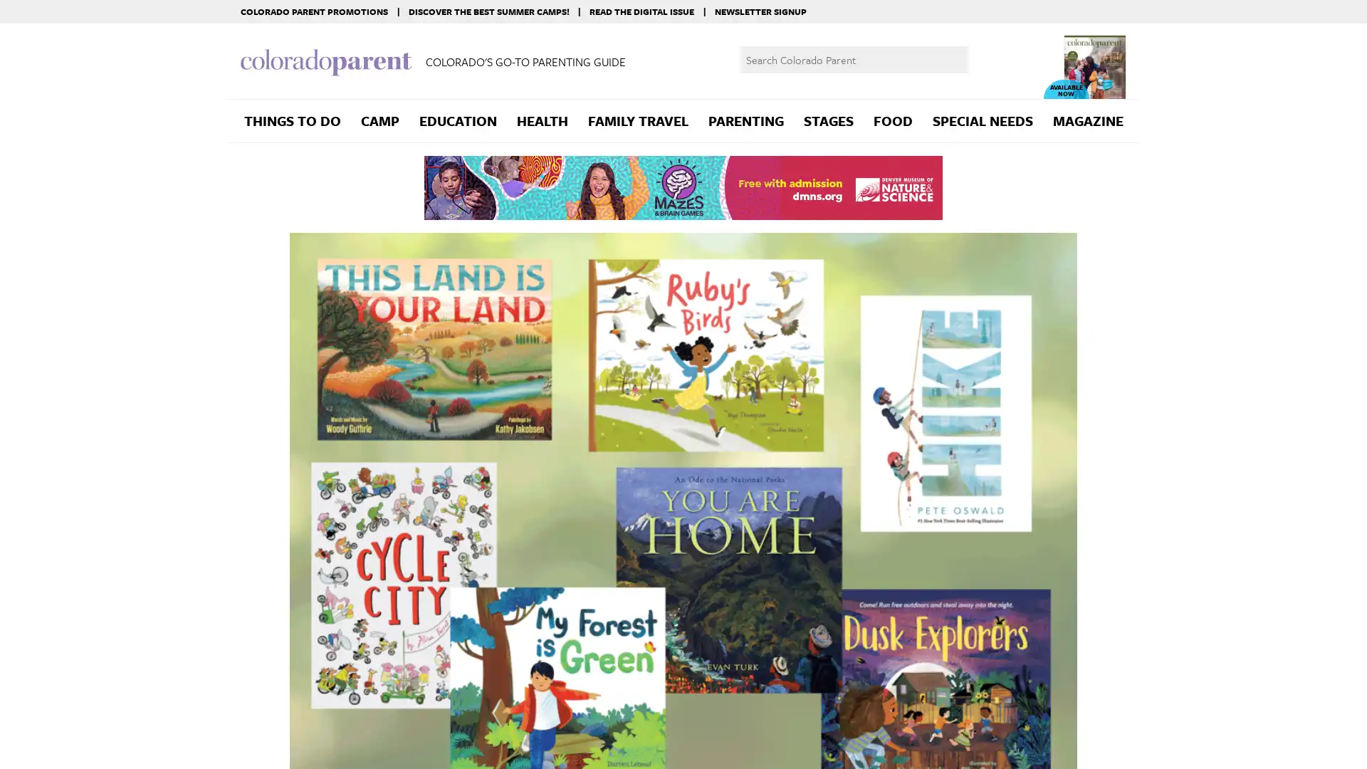 This screenshot has height=769, width=1367. What do you see at coordinates (1261, 741) in the screenshot?
I see `SUBSCRIBE NOW` at bounding box center [1261, 741].